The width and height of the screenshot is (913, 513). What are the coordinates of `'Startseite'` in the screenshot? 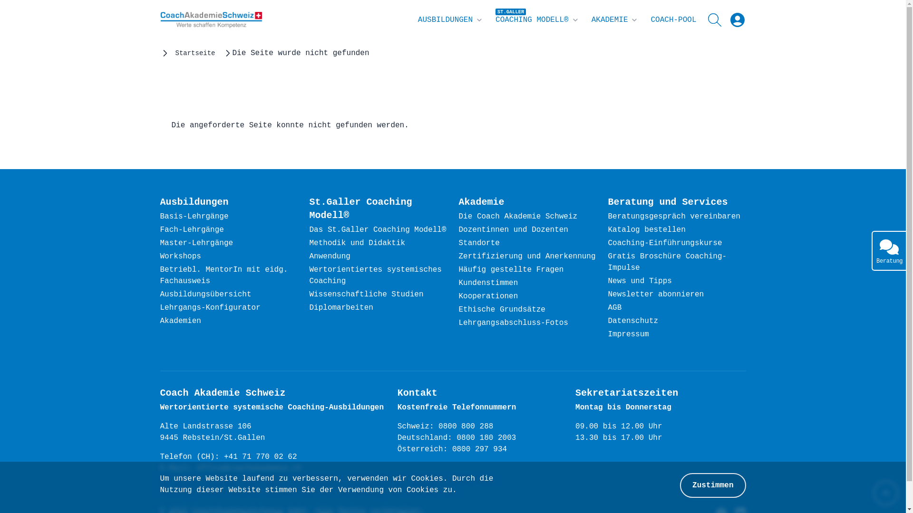 It's located at (175, 53).